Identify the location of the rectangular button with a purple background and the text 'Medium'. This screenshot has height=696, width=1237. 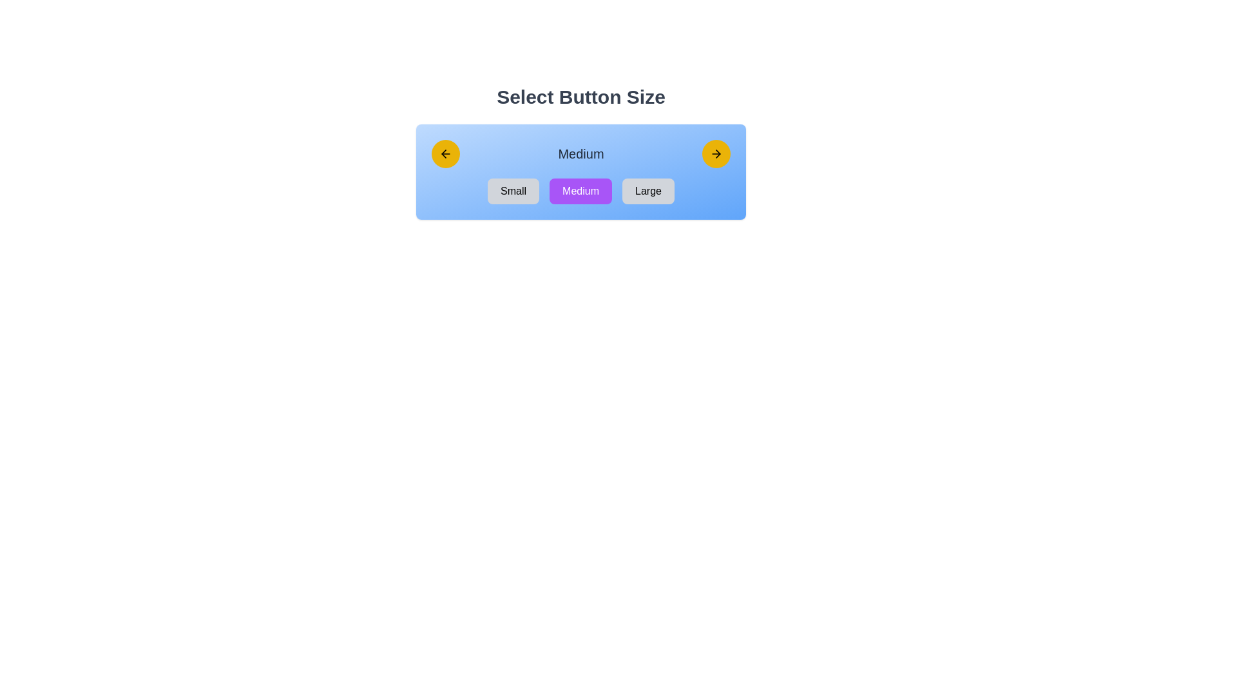
(580, 191).